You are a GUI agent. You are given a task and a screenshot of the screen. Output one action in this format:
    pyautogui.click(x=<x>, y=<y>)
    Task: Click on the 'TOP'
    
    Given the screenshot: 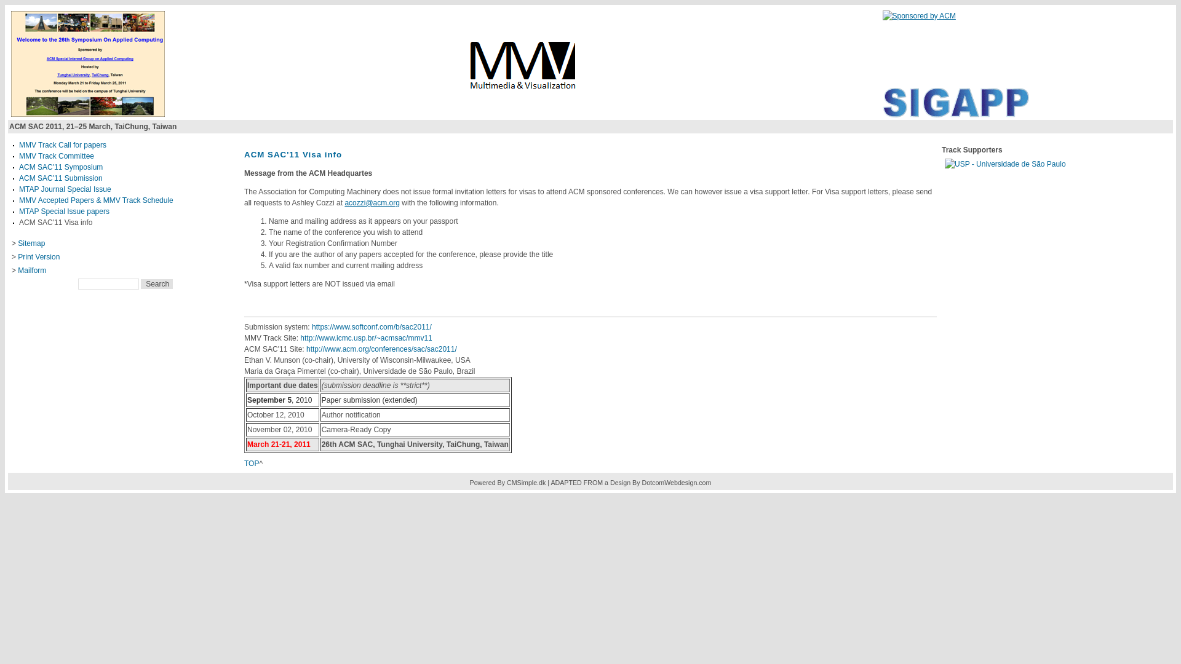 What is the action you would take?
    pyautogui.click(x=250, y=463)
    